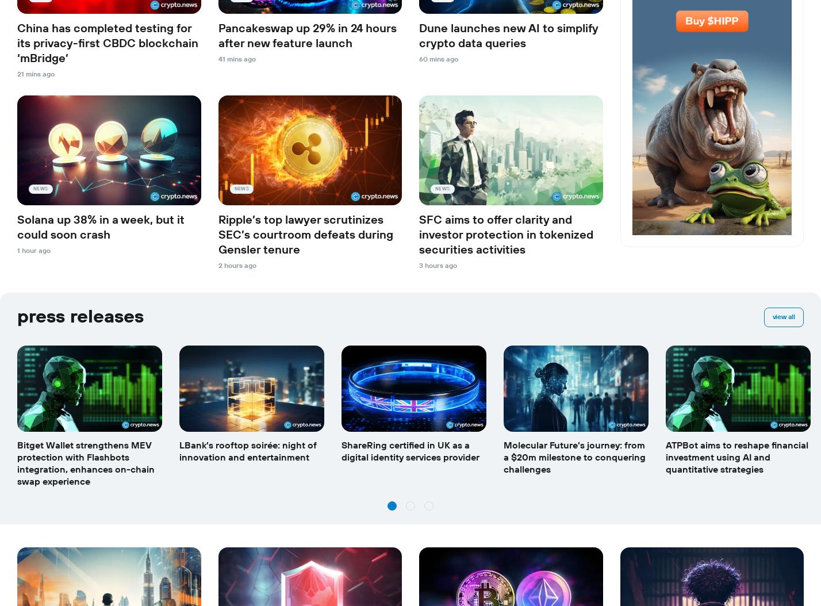 The width and height of the screenshot is (821, 606). I want to click on '1 hour ago', so click(33, 250).